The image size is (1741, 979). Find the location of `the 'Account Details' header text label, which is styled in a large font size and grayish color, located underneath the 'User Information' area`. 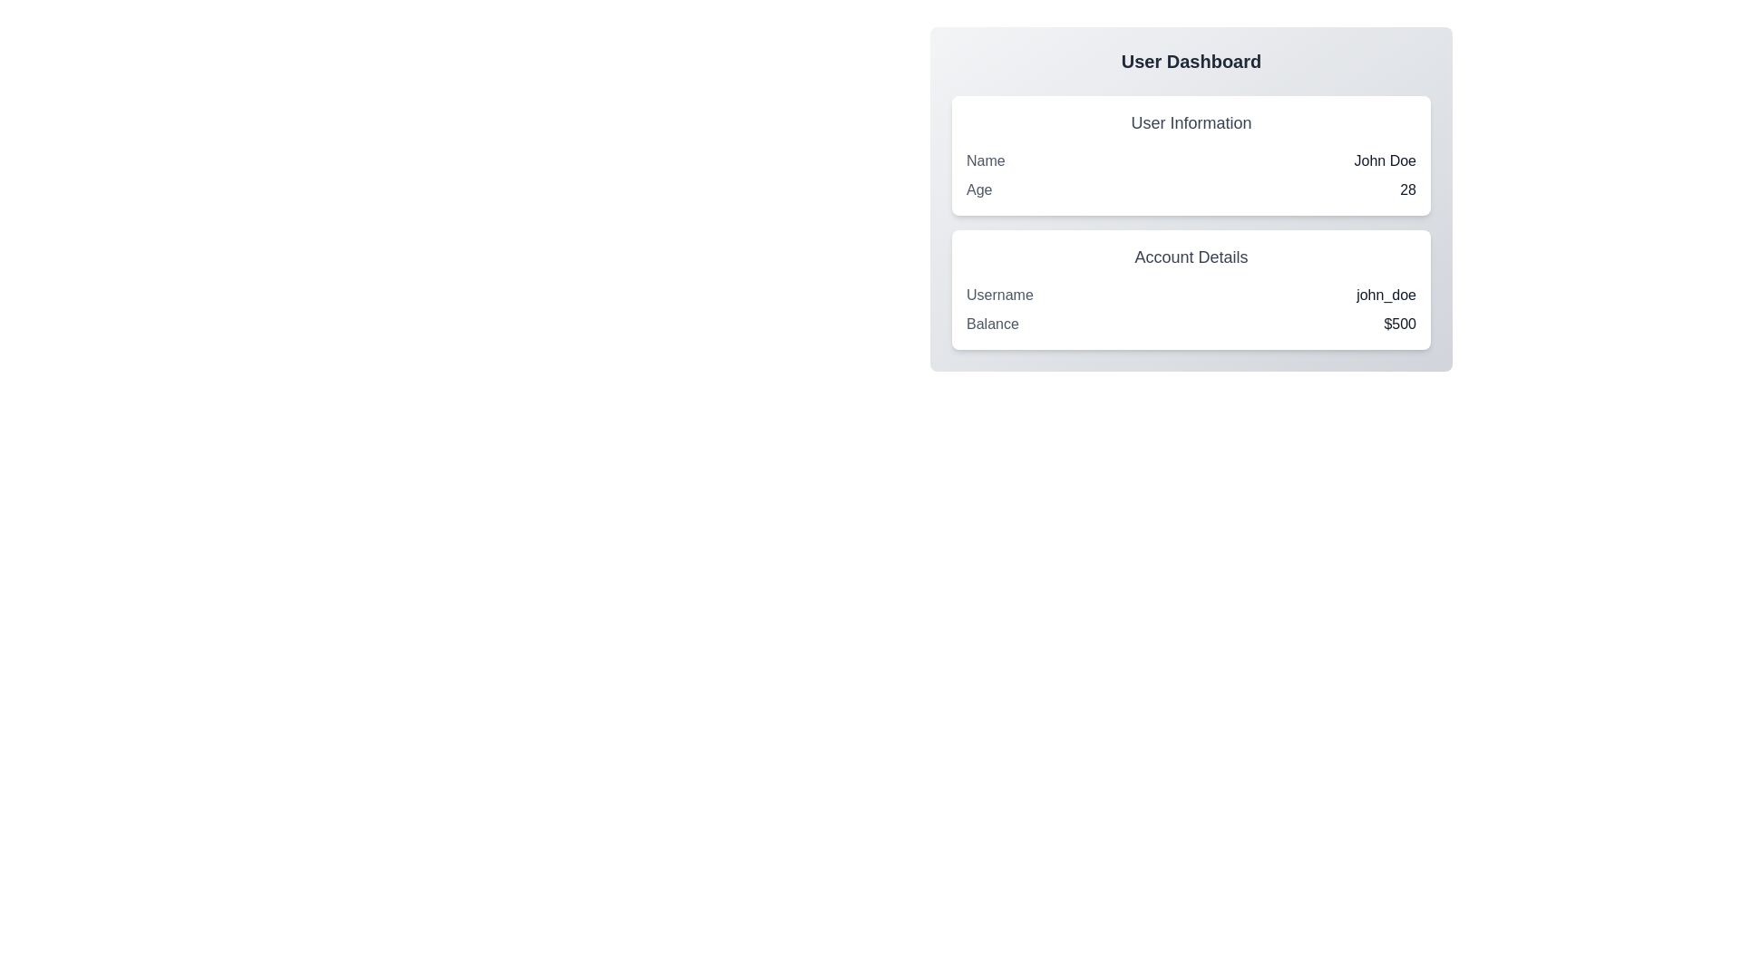

the 'Account Details' header text label, which is styled in a large font size and grayish color, located underneath the 'User Information' area is located at coordinates (1191, 257).